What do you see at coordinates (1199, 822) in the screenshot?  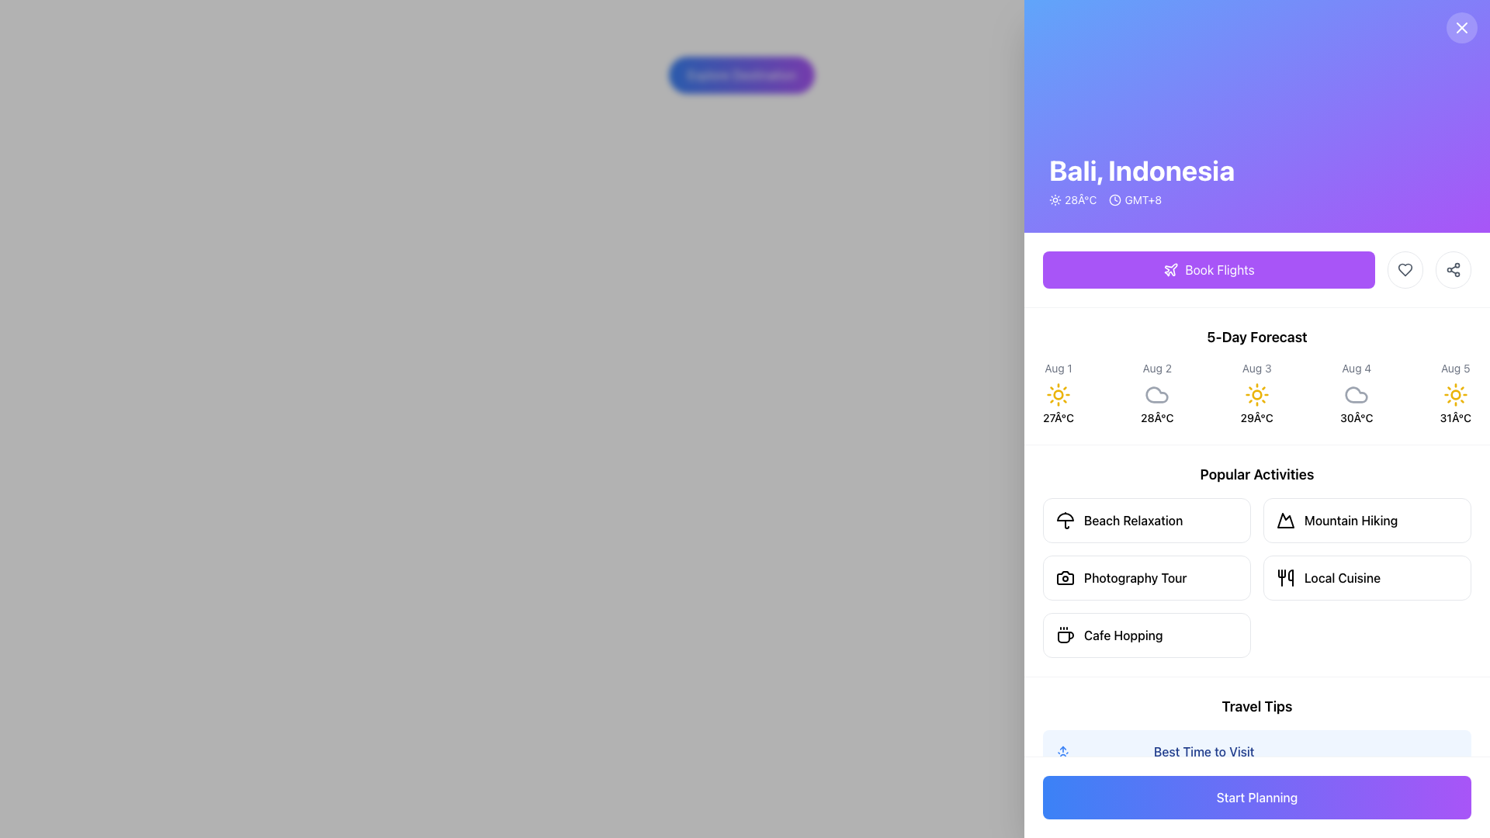 I see `the title text label located at the top of the 'Travel Tips' section, which introduces the related content below it` at bounding box center [1199, 822].